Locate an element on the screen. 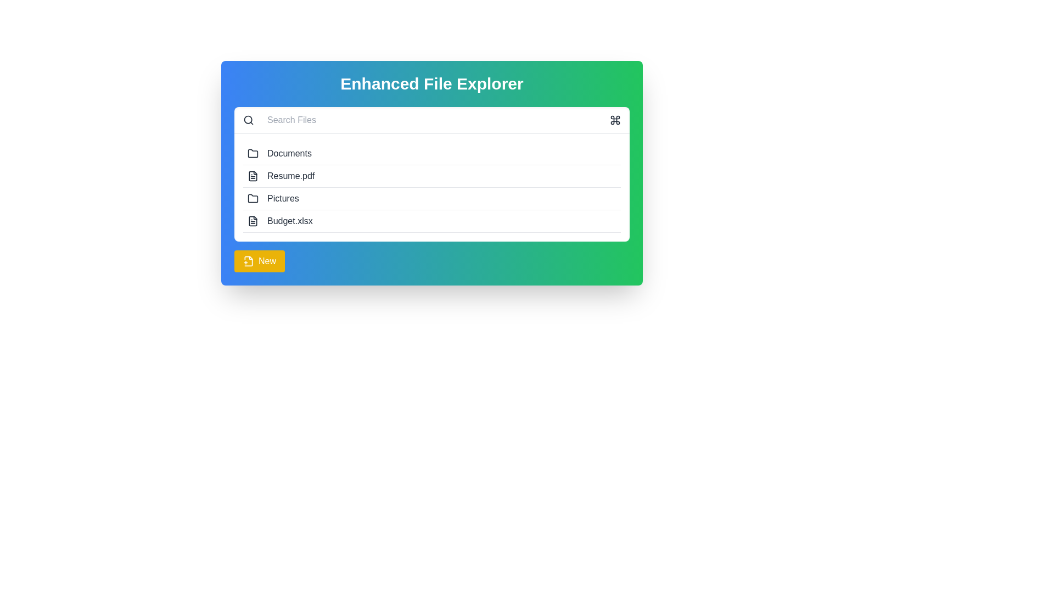 The height and width of the screenshot is (593, 1054). the SVG Icon located at the top-right end of the search input bar is located at coordinates (615, 120).